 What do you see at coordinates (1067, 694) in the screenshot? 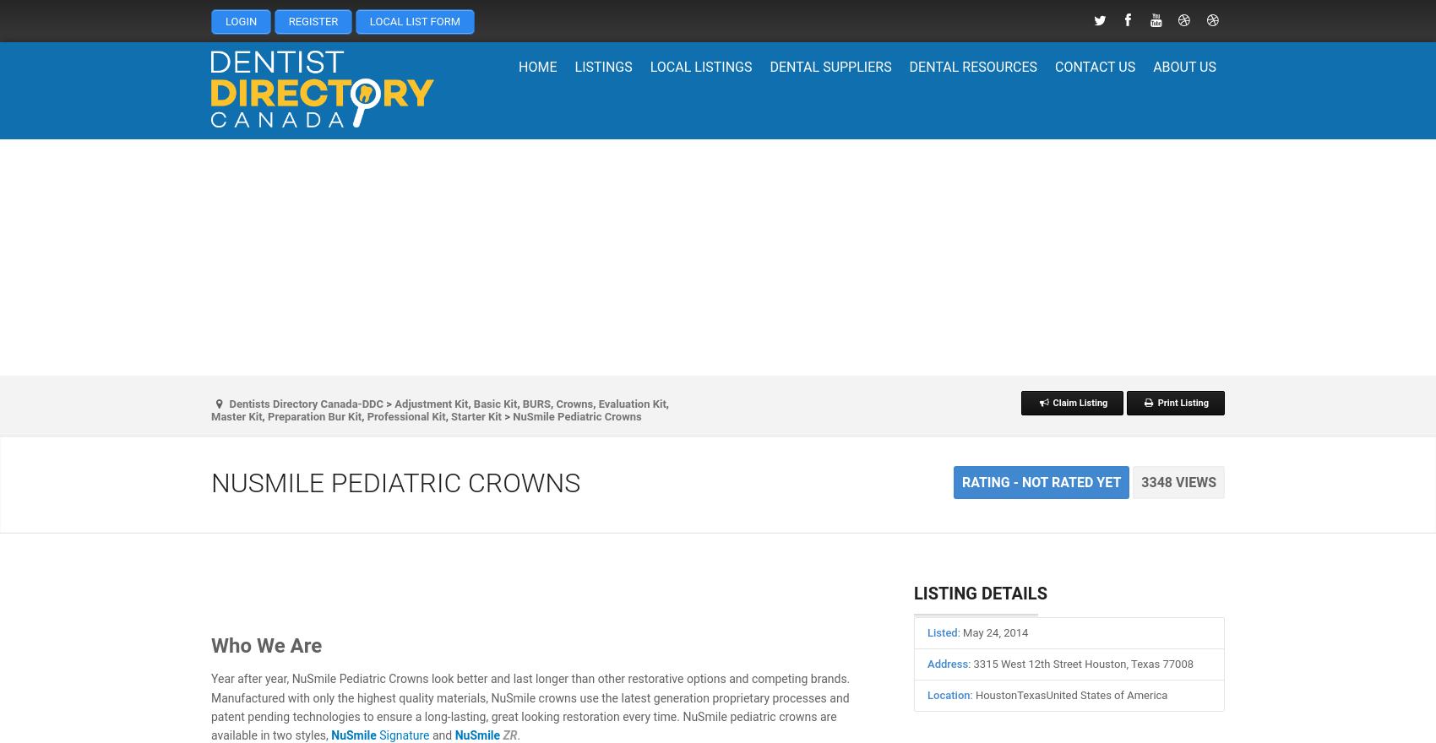
I see `': 

					HoustonTexasUnited States of America'` at bounding box center [1067, 694].